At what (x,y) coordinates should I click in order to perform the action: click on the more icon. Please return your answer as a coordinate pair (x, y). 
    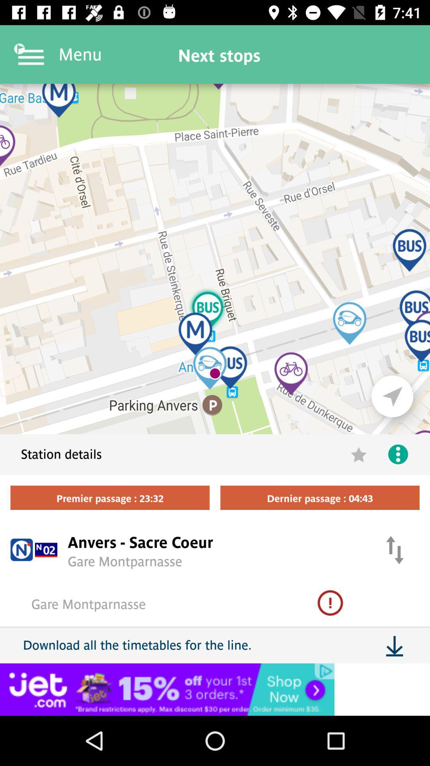
    Looking at the image, I should click on (398, 454).